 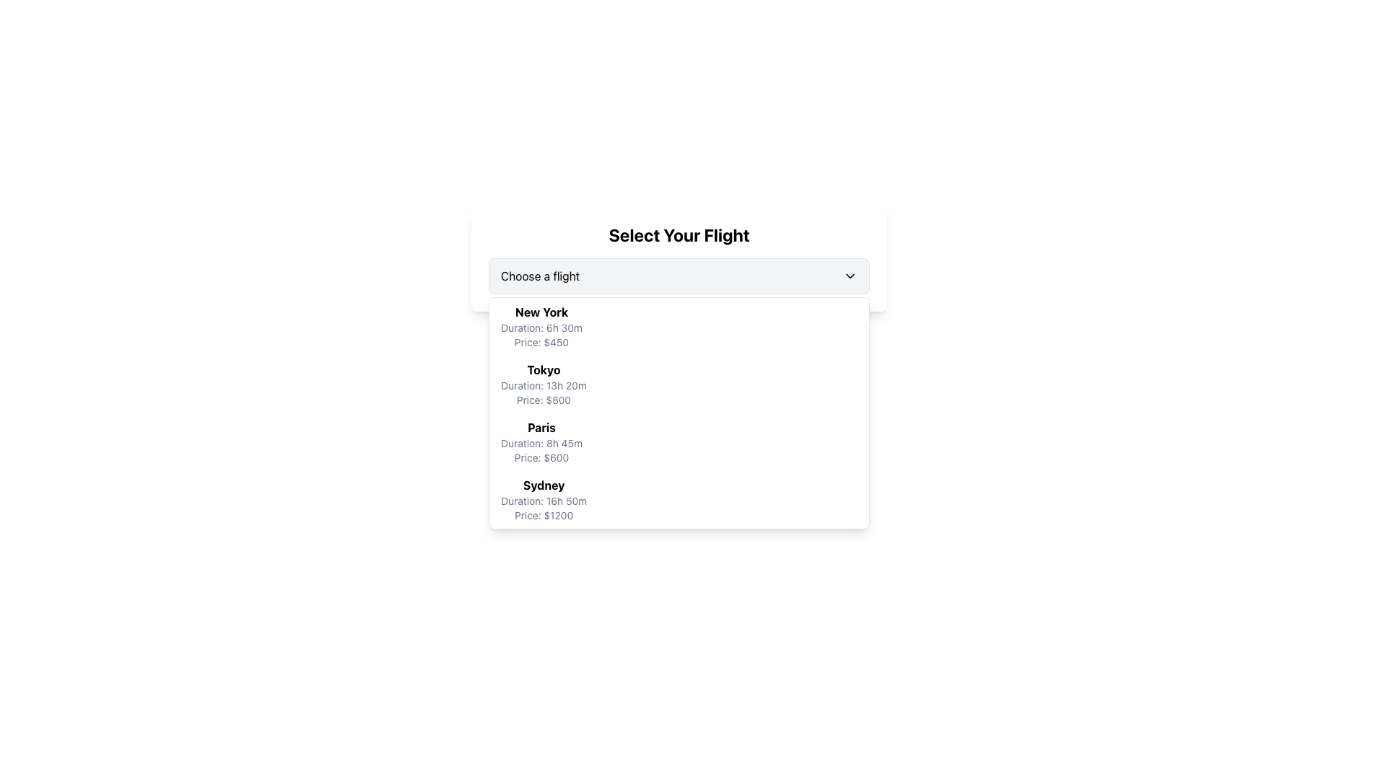 What do you see at coordinates (543, 383) in the screenshot?
I see `the flight information list item for Tokyo` at bounding box center [543, 383].